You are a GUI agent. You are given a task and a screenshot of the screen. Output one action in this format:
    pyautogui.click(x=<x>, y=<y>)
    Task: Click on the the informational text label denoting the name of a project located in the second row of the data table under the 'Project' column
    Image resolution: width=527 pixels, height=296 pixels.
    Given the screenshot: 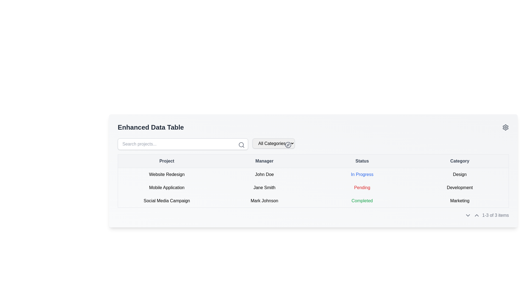 What is the action you would take?
    pyautogui.click(x=166, y=187)
    